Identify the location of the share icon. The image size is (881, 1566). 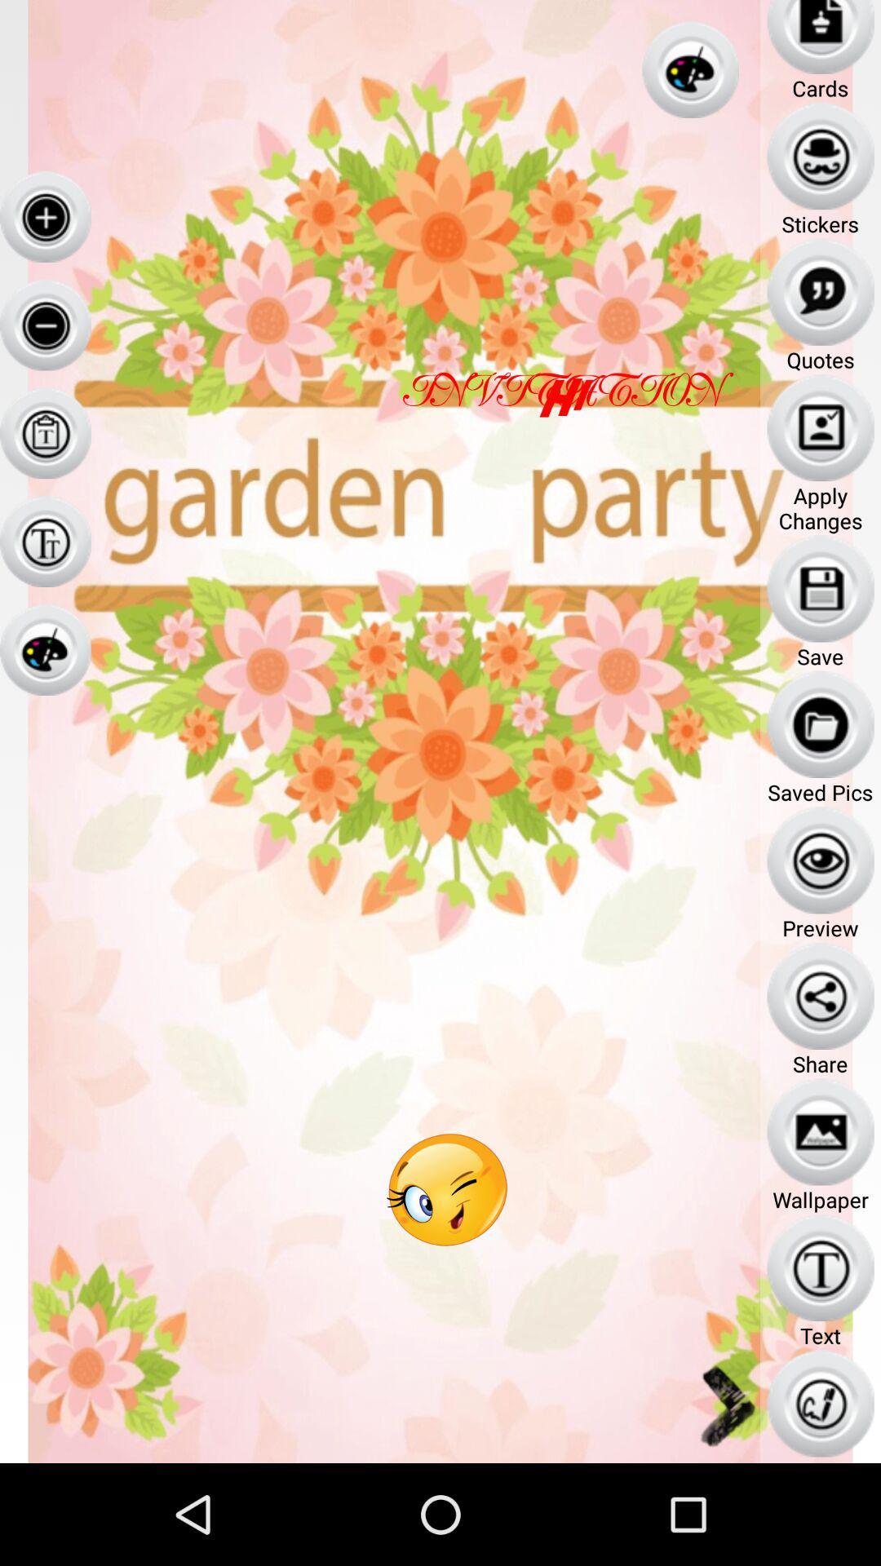
(821, 995).